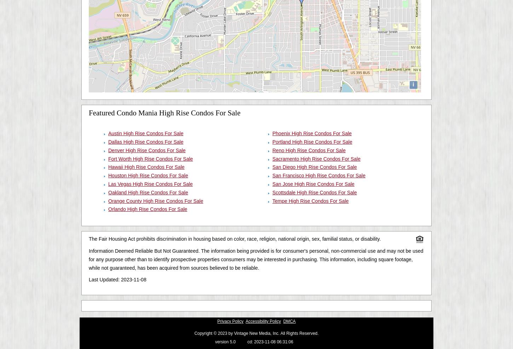  I want to click on 'San Francisco High Rise Condos For Sale', so click(318, 175).